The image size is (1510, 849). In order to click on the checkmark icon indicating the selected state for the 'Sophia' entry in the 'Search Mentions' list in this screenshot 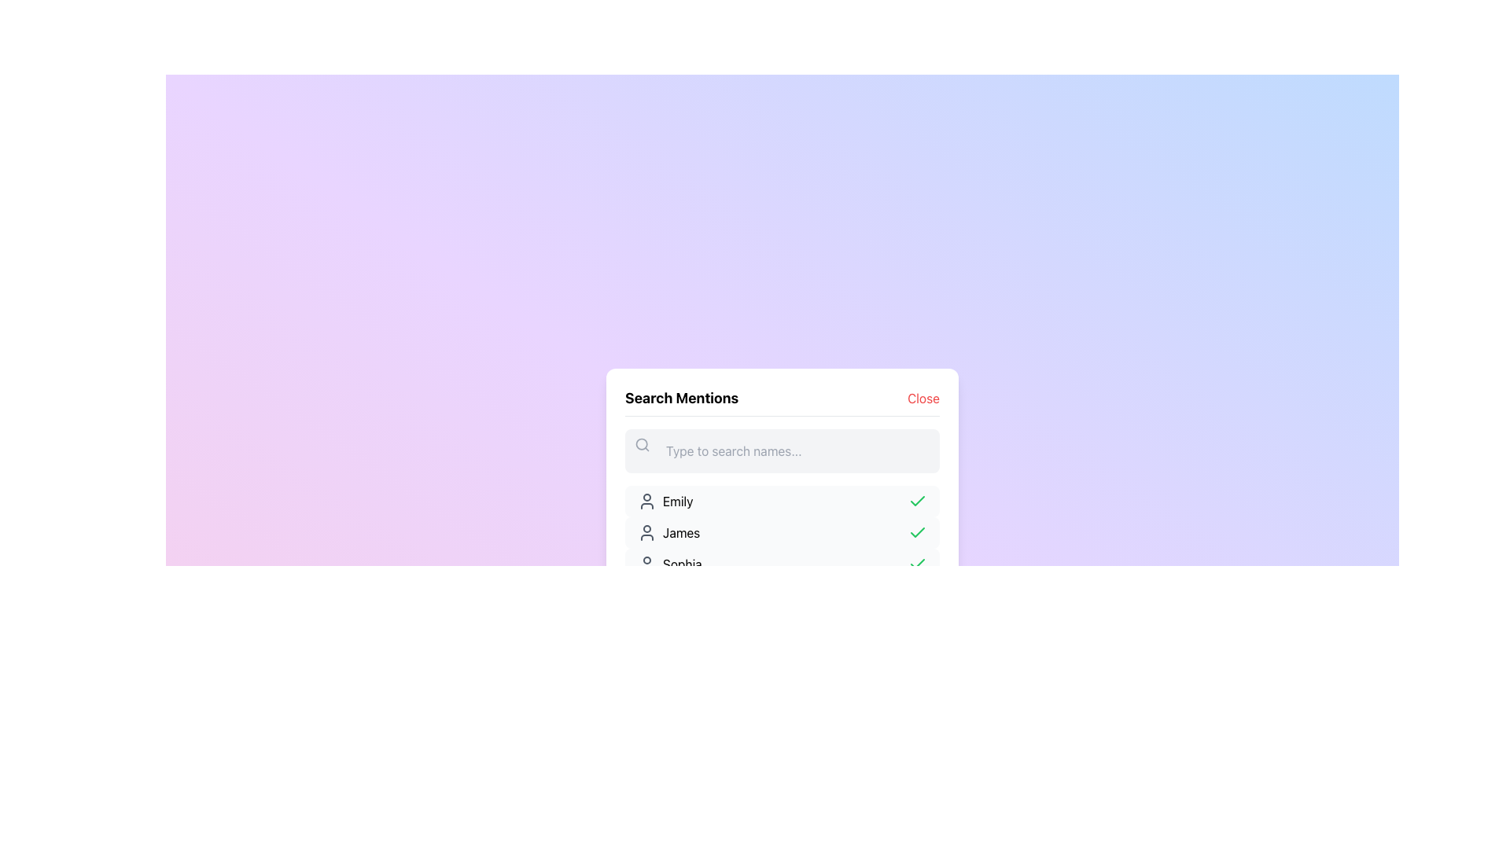, I will do `click(917, 563)`.